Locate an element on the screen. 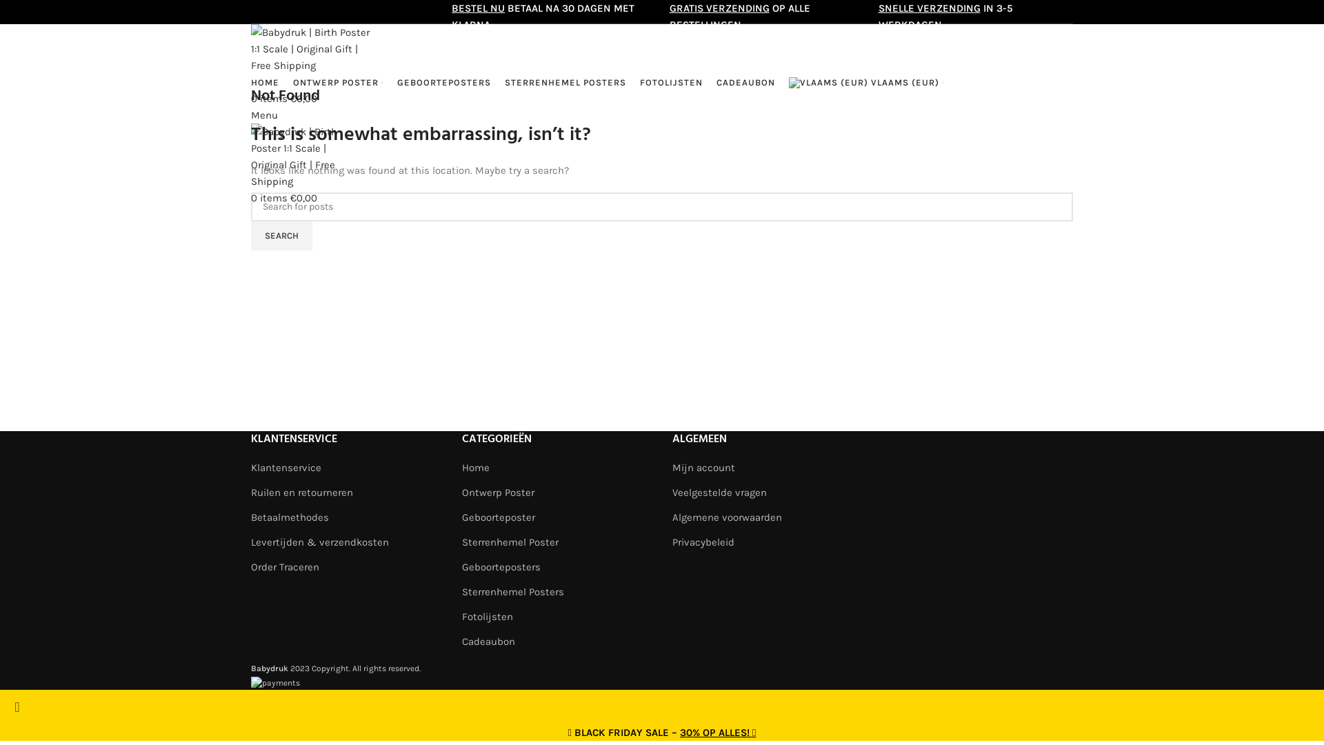 The width and height of the screenshot is (1324, 745). 'HOME' is located at coordinates (265, 82).